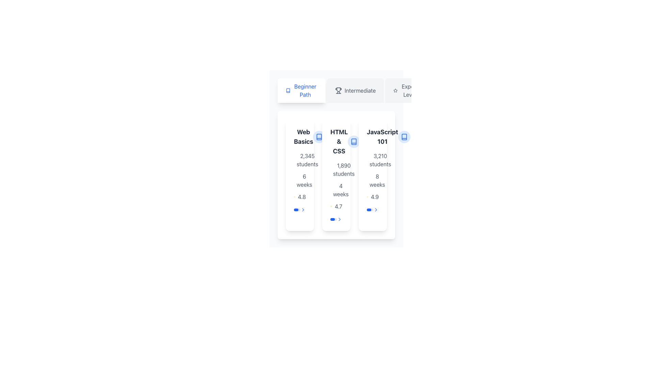 The height and width of the screenshot is (368, 654). I want to click on the 'Expert Level' label located in the top-right corner of the navigation row, so click(409, 90).